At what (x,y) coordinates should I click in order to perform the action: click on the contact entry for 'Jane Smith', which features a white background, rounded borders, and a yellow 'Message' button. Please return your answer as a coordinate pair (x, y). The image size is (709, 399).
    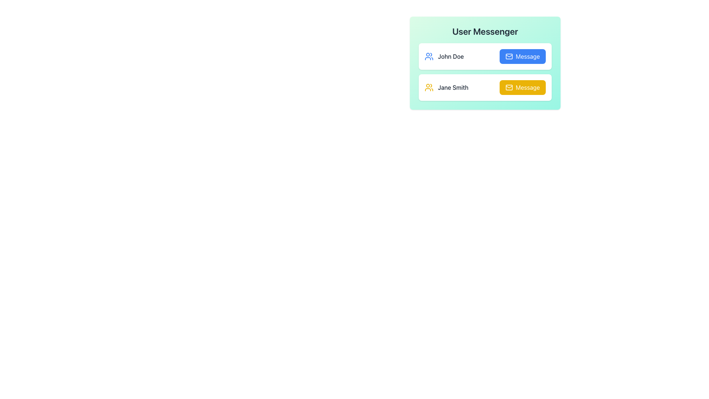
    Looking at the image, I should click on (485, 87).